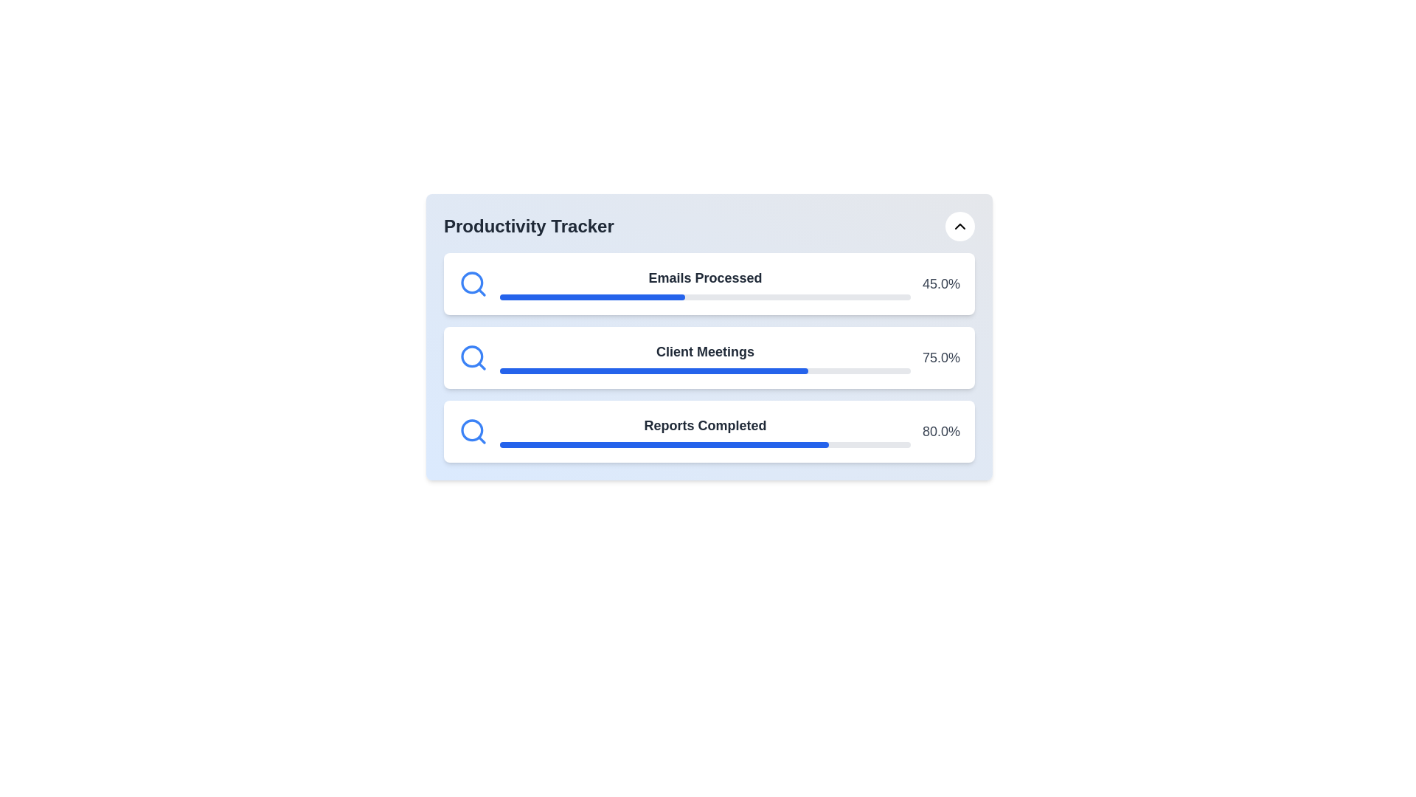 Image resolution: width=1416 pixels, height=797 pixels. I want to click on the central circle of the magnifying glass icon, which is located to the left of the 'Reports Completed' progress bar in the third row of the interface, so click(472, 430).